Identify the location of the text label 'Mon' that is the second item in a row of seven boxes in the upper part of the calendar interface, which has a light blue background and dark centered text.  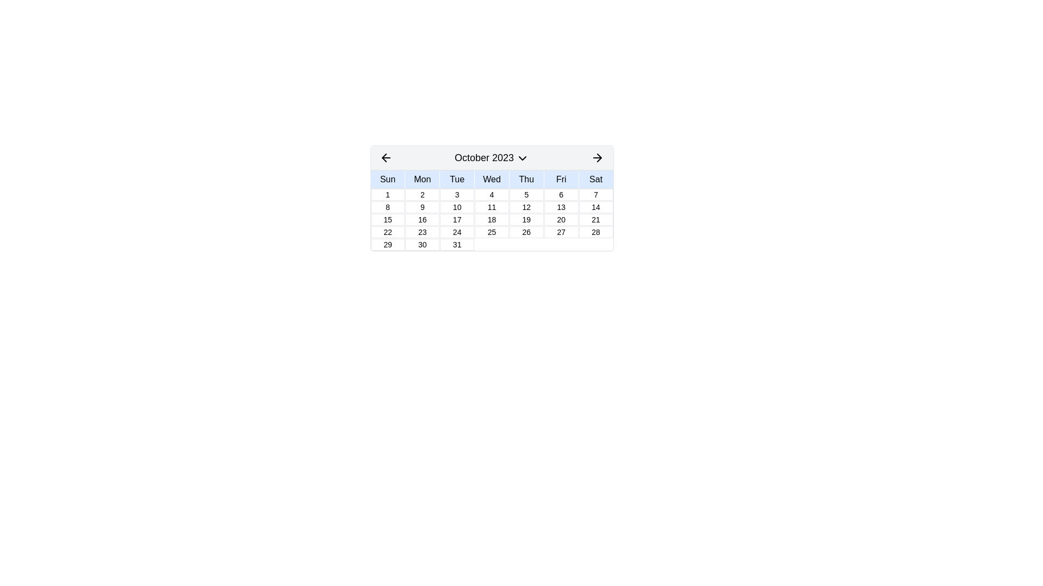
(422, 179).